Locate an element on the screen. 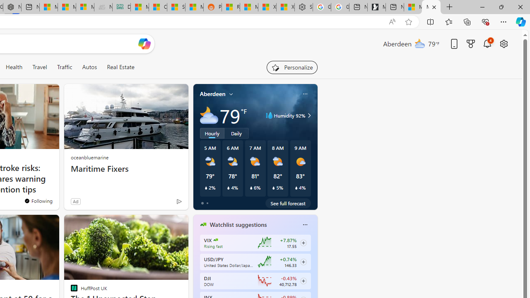 The image size is (530, 298). 'You' is located at coordinates (38, 201).